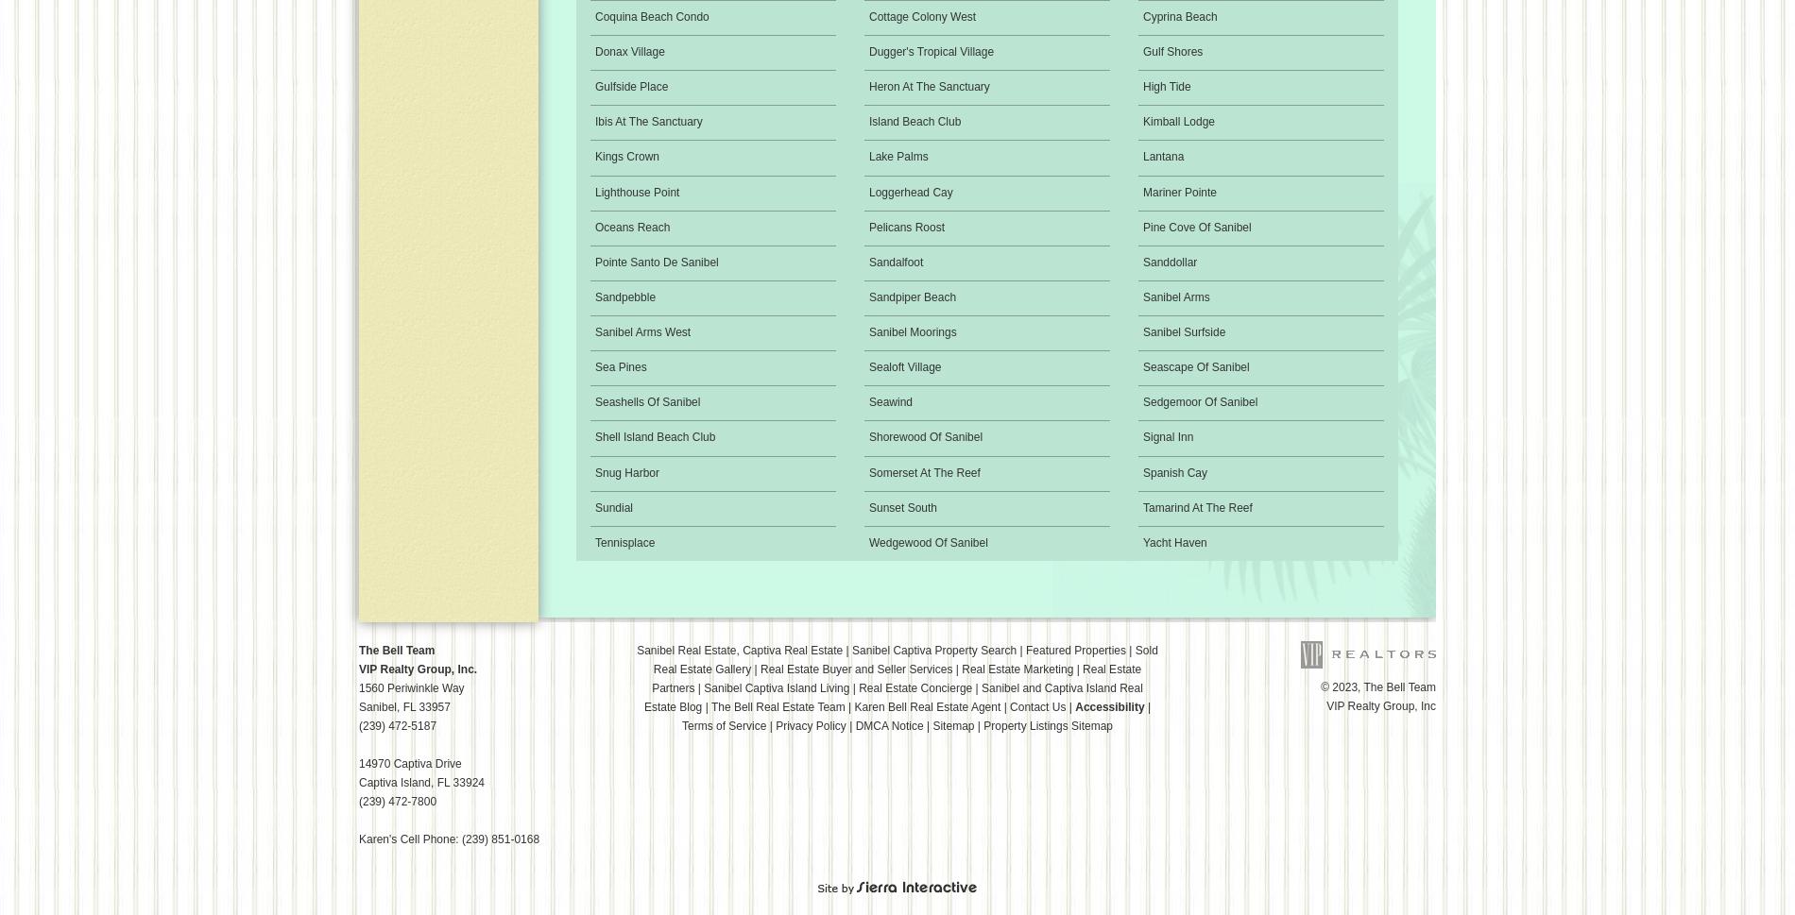  Describe the element at coordinates (595, 295) in the screenshot. I see `'Sandpebble'` at that location.